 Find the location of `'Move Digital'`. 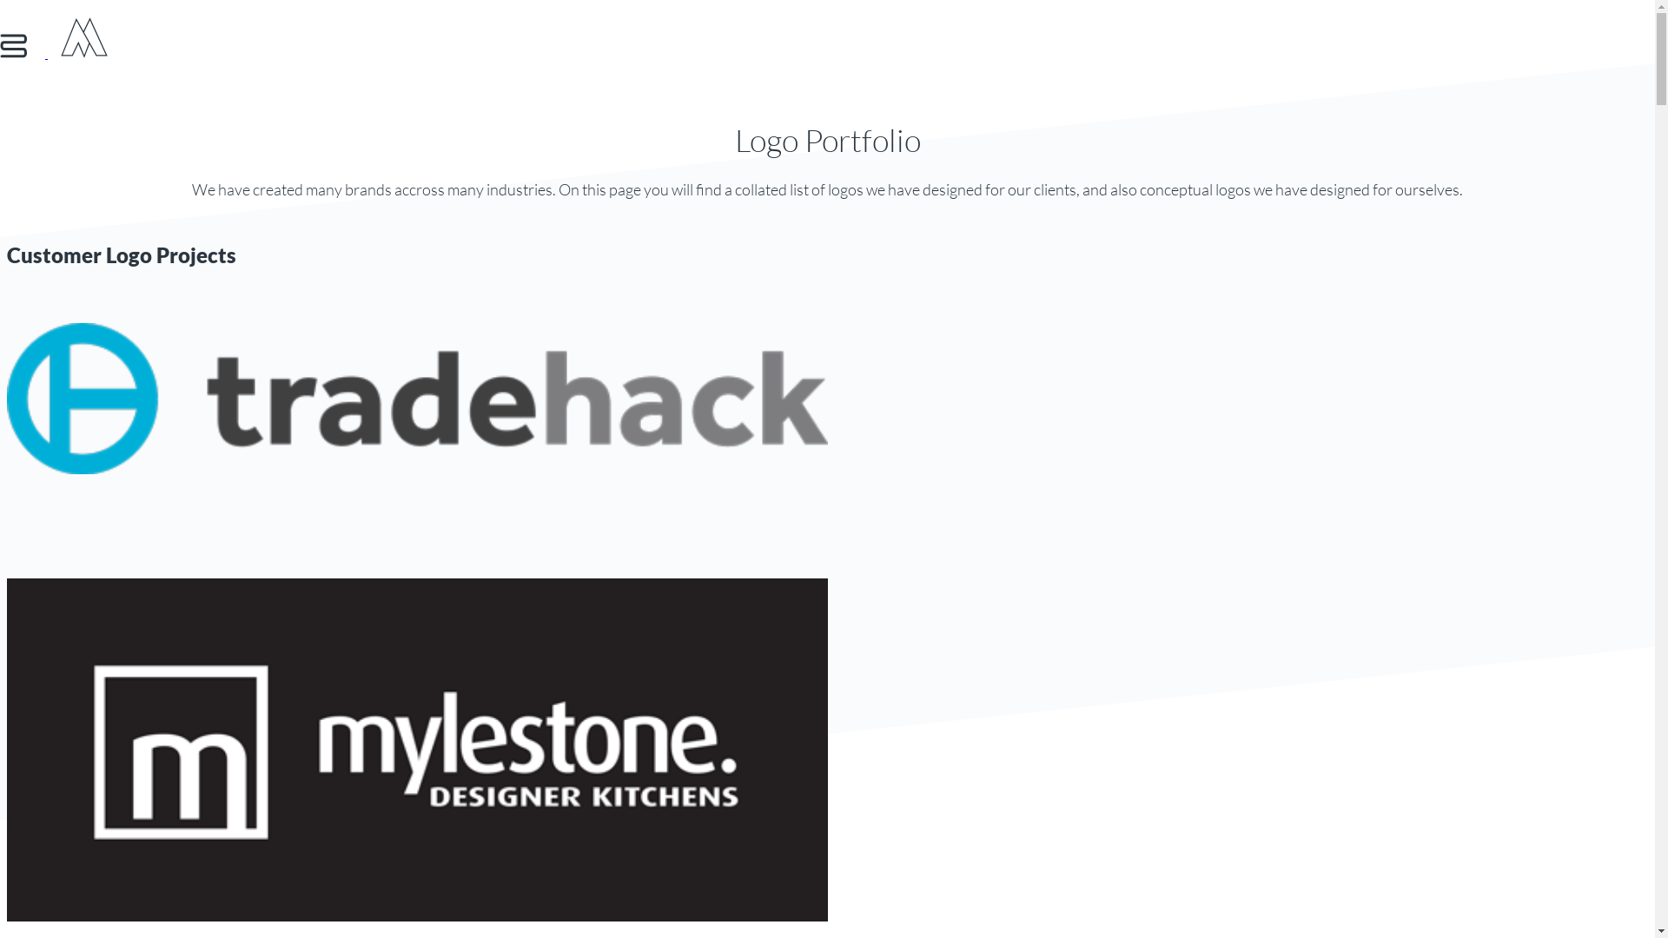

'Move Digital' is located at coordinates (83, 51).